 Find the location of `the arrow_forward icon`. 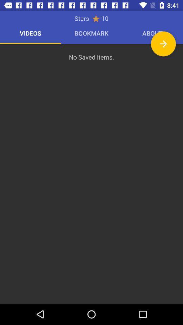

the arrow_forward icon is located at coordinates (163, 43).